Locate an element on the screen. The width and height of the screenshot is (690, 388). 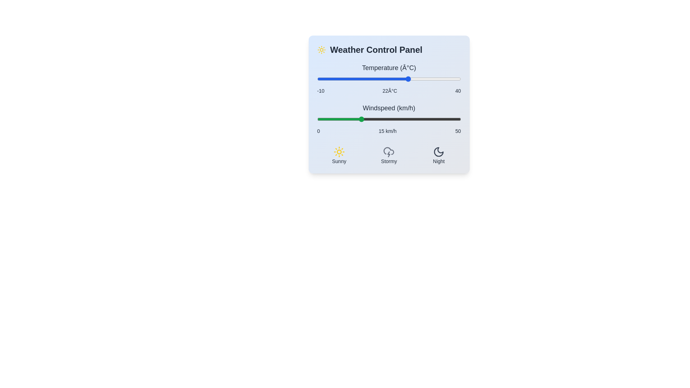
the stormy weather icon located in the Weather Control Panel, which is the second element in a horizontal arrangement of three items is located at coordinates (388, 155).